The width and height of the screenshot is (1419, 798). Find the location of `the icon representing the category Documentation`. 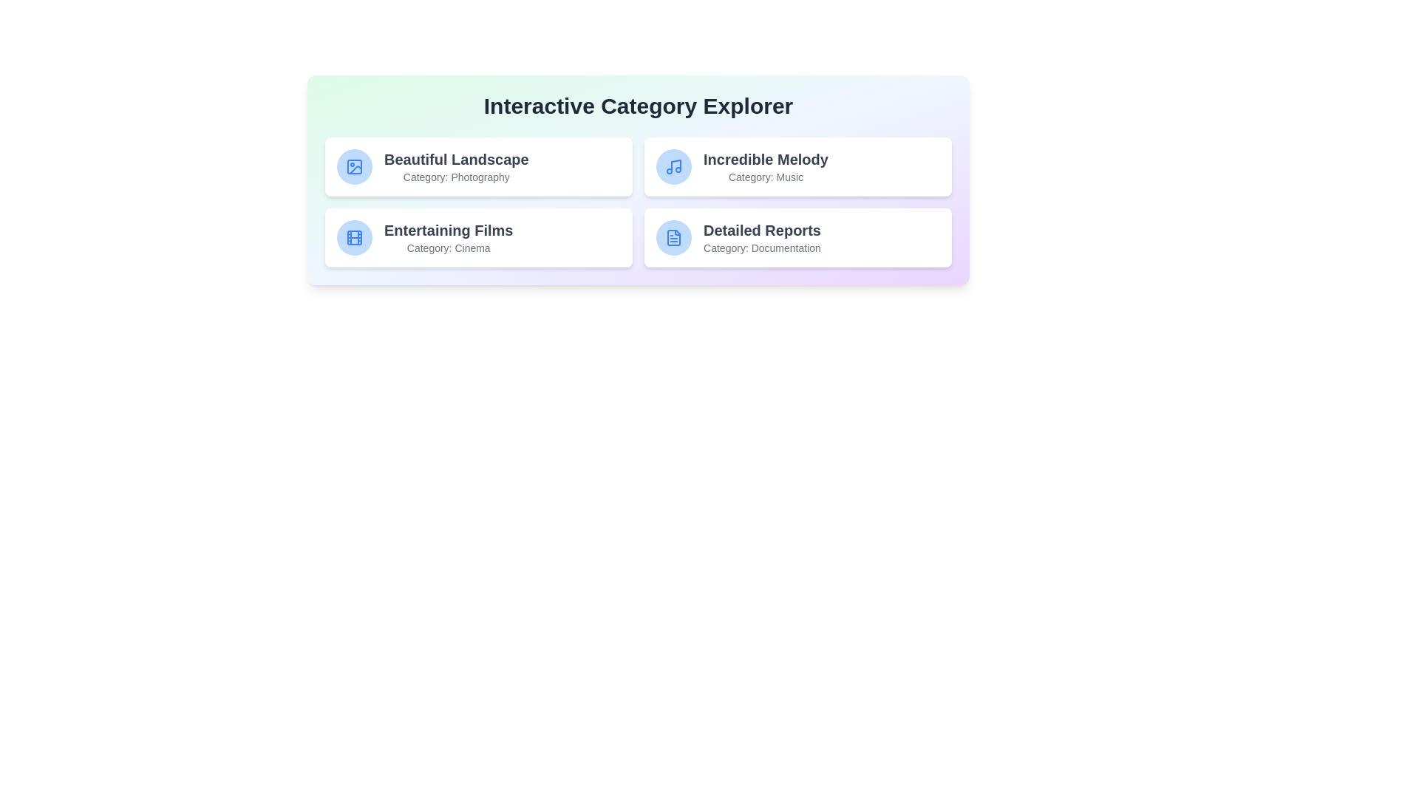

the icon representing the category Documentation is located at coordinates (673, 236).